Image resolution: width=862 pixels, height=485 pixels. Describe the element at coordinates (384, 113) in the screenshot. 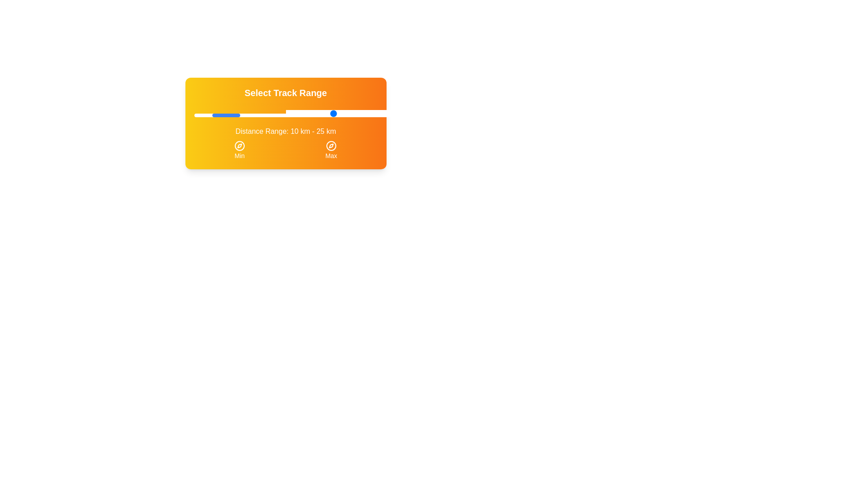

I see `the slider` at that location.